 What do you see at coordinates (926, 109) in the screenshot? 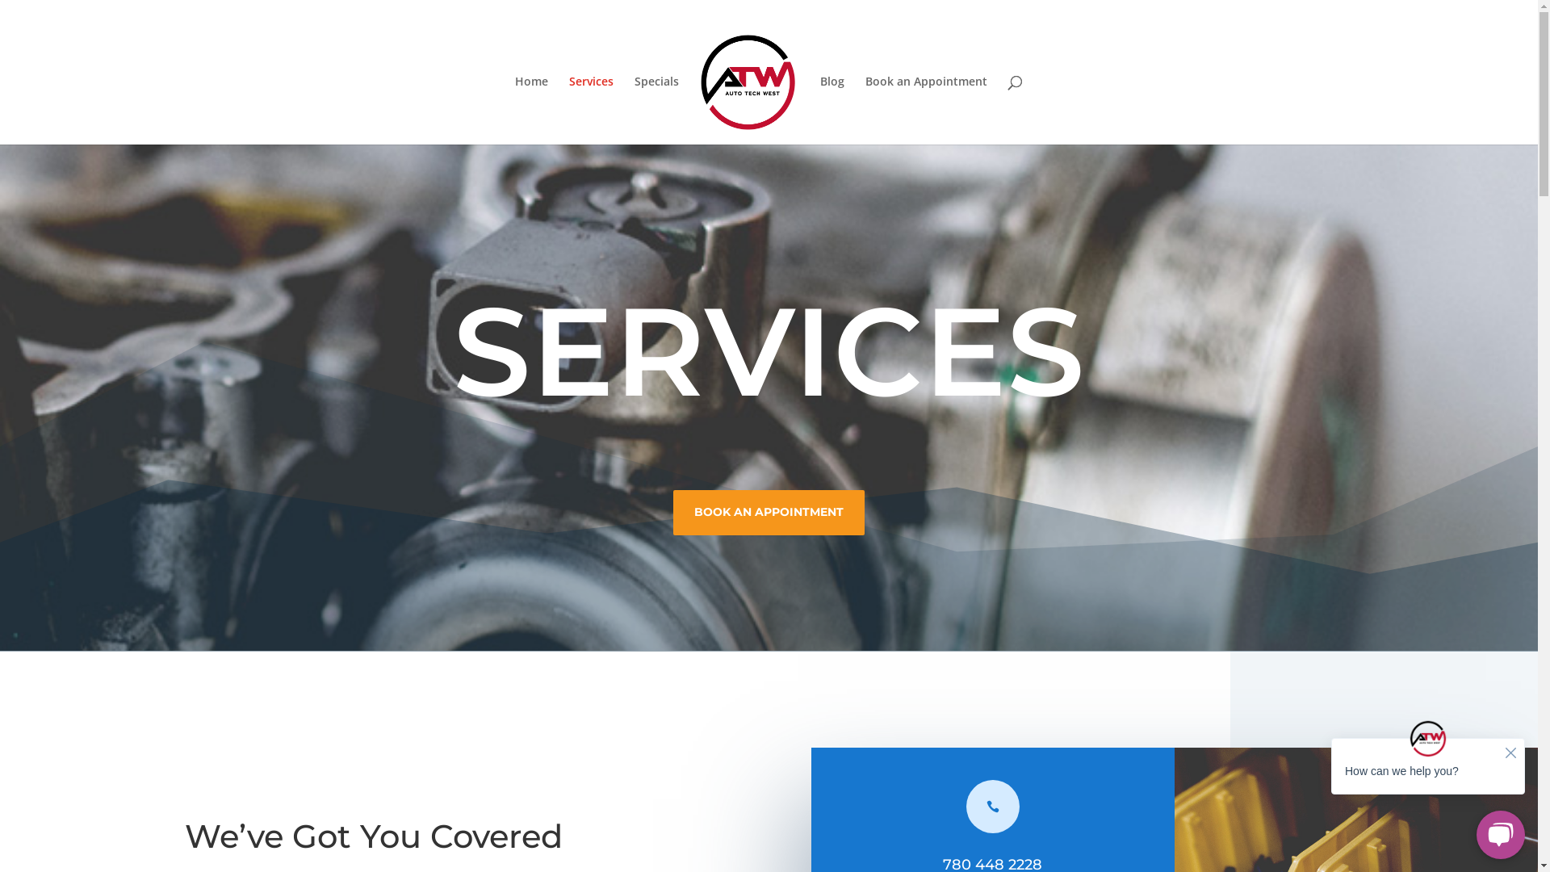
I see `'Book an Appointment'` at bounding box center [926, 109].